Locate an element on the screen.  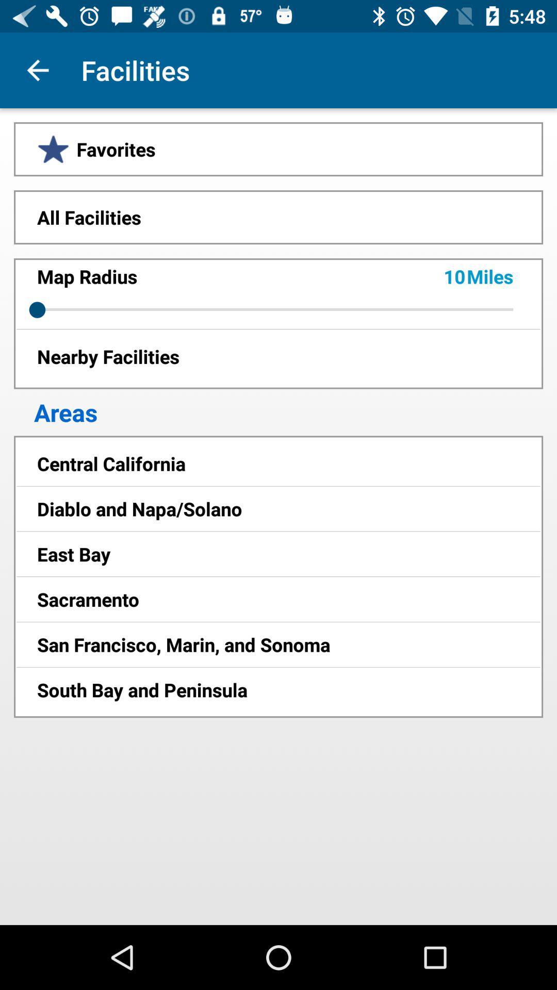
item above the 10	miles icon is located at coordinates (278, 217).